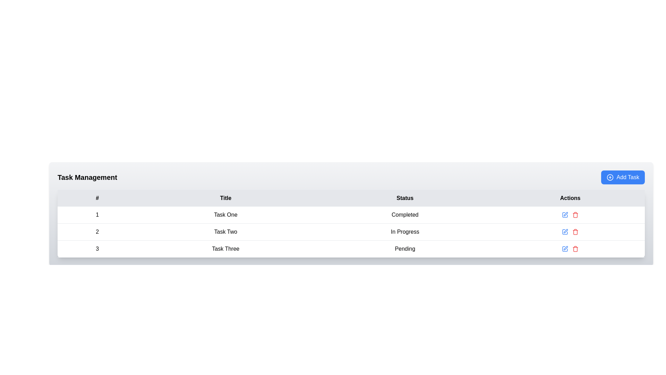 The height and width of the screenshot is (375, 666). I want to click on the table cell, so click(570, 249).